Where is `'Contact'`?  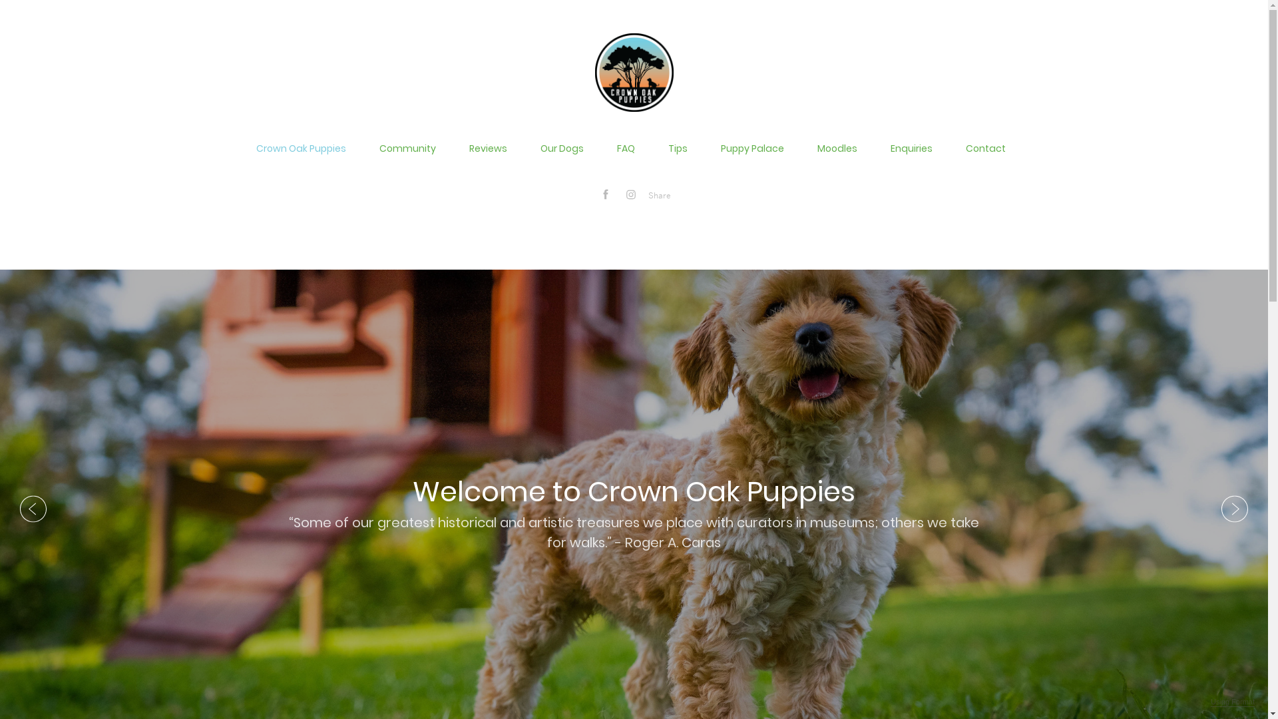 'Contact' is located at coordinates (984, 148).